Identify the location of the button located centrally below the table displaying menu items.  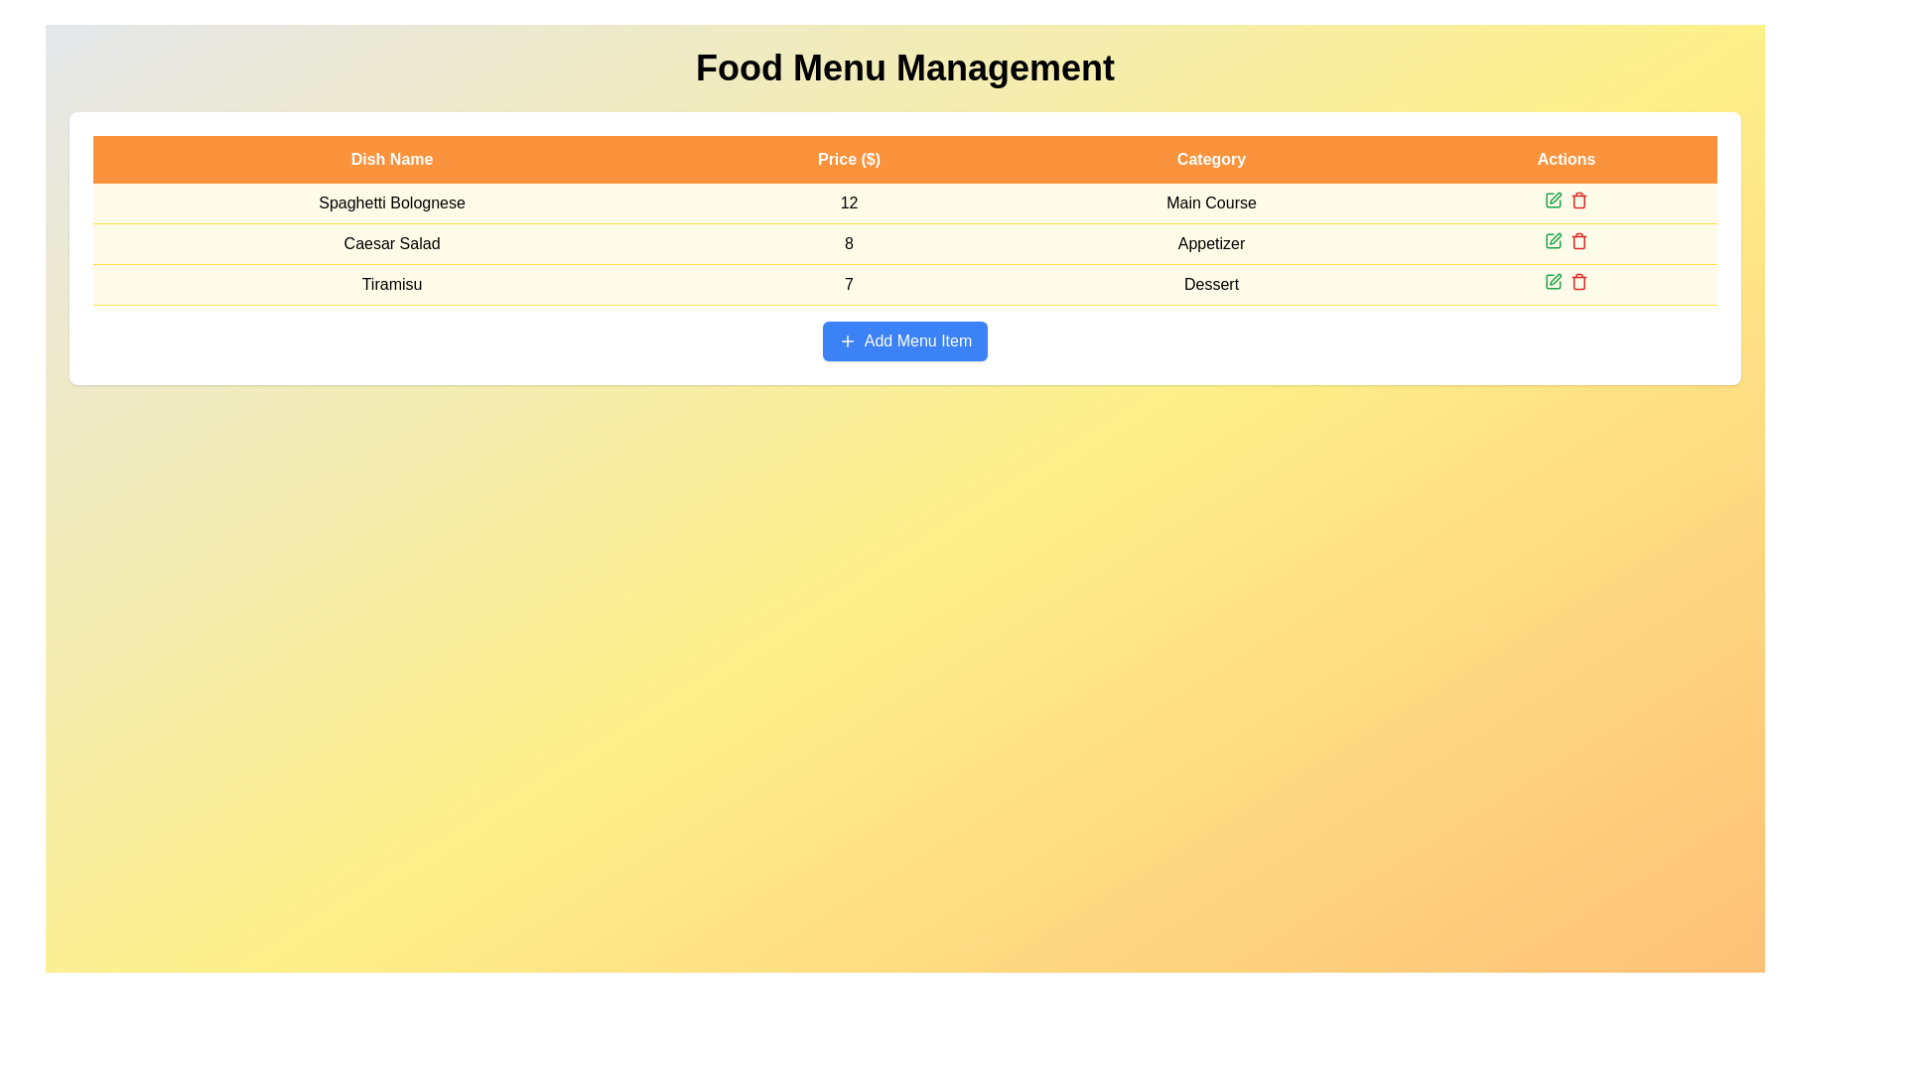
(904, 339).